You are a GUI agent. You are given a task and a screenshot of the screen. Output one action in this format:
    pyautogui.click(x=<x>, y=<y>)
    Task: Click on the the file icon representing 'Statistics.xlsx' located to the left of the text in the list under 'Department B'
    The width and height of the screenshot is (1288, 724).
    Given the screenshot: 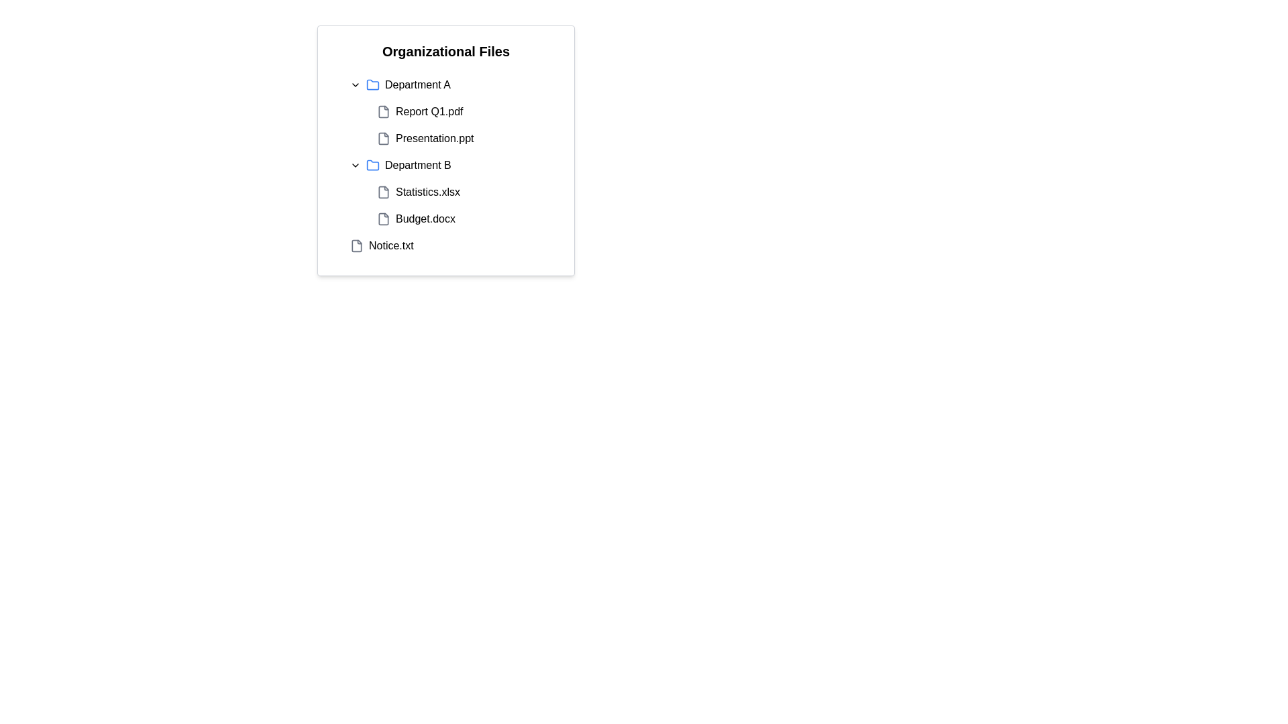 What is the action you would take?
    pyautogui.click(x=382, y=192)
    